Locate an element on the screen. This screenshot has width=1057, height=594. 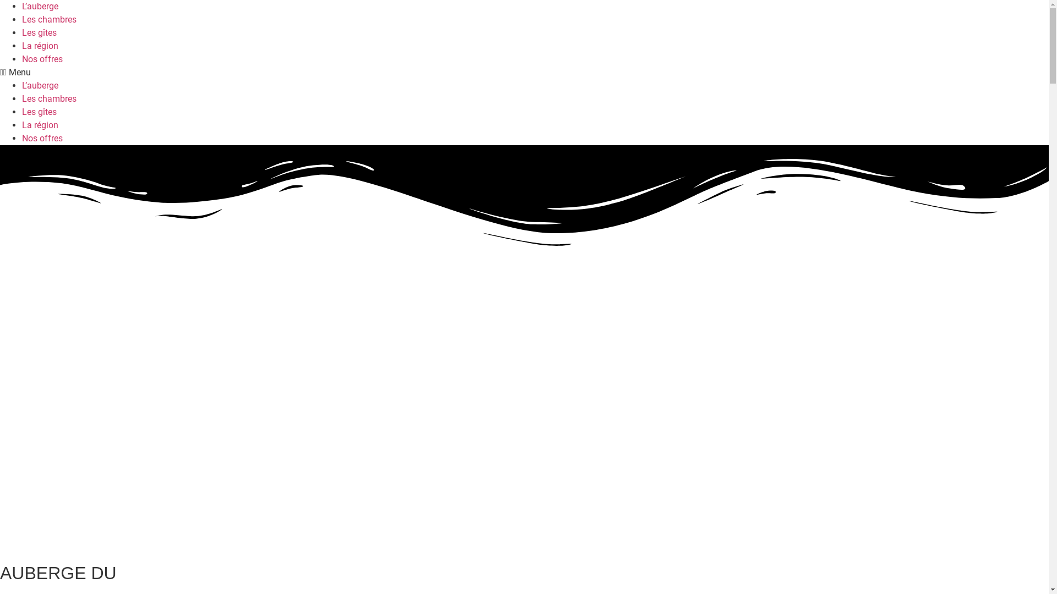
'Nos offres' is located at coordinates (42, 59).